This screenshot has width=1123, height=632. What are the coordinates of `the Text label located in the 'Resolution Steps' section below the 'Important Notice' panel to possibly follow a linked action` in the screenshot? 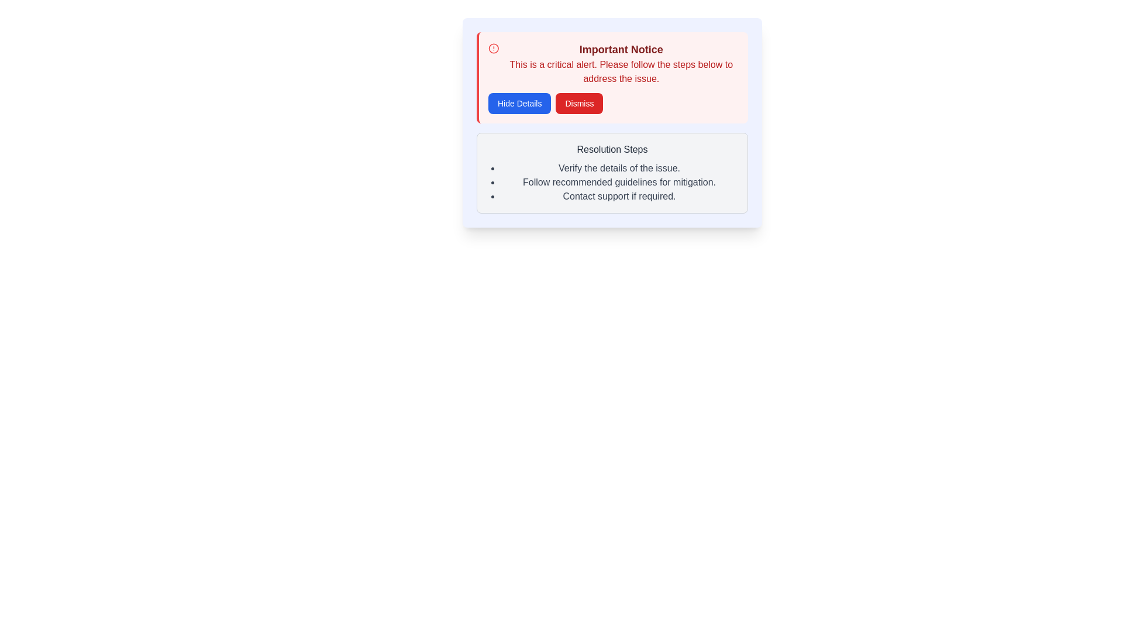 It's located at (619, 169).